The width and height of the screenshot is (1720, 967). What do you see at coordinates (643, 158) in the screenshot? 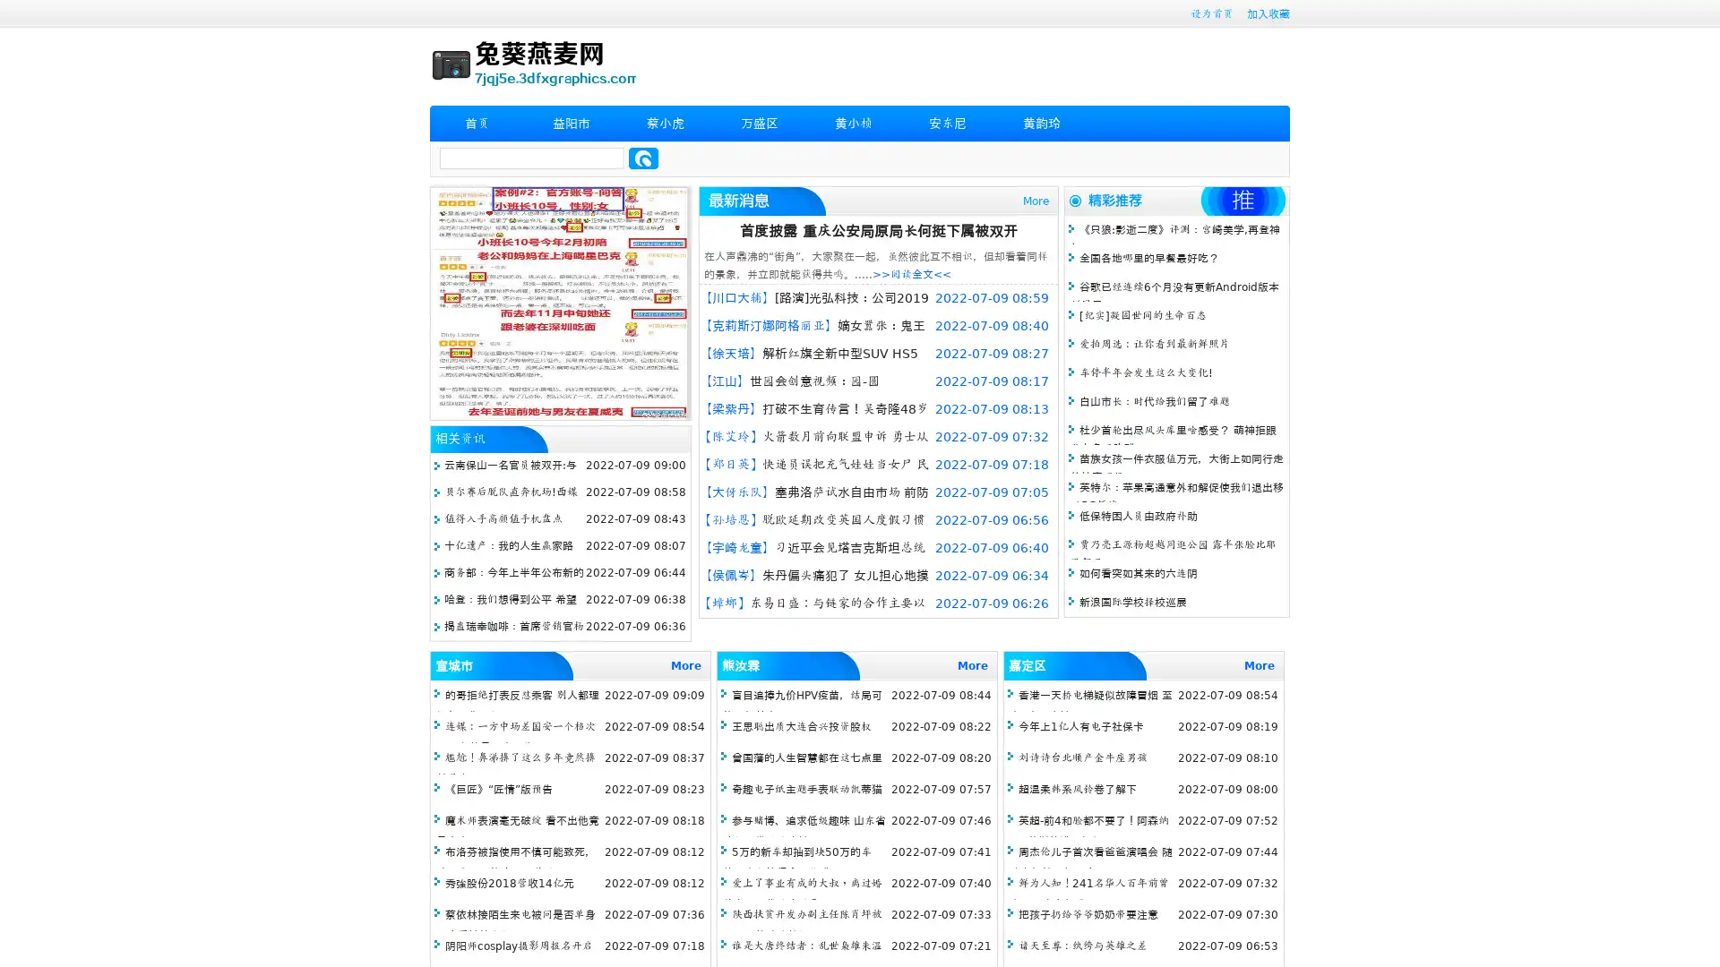
I see `Search` at bounding box center [643, 158].